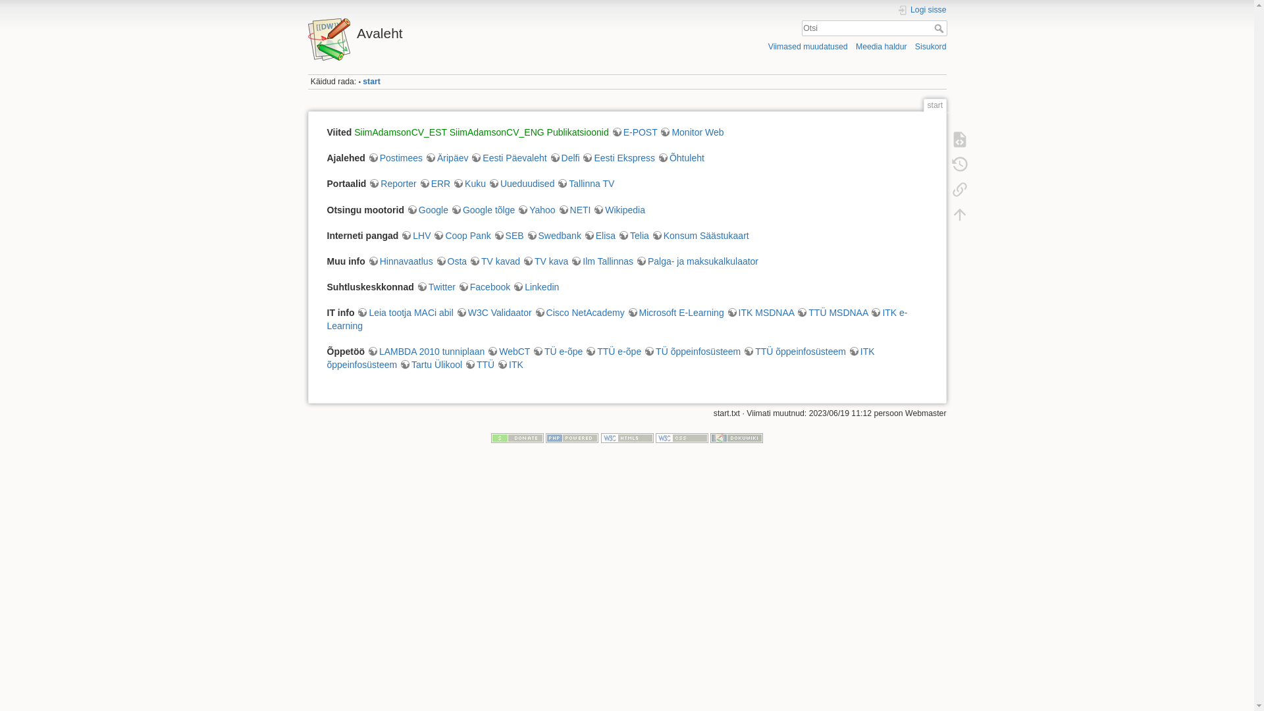 Image resolution: width=1264 pixels, height=711 pixels. Describe the element at coordinates (807, 45) in the screenshot. I see `'Viimased muudatused'` at that location.